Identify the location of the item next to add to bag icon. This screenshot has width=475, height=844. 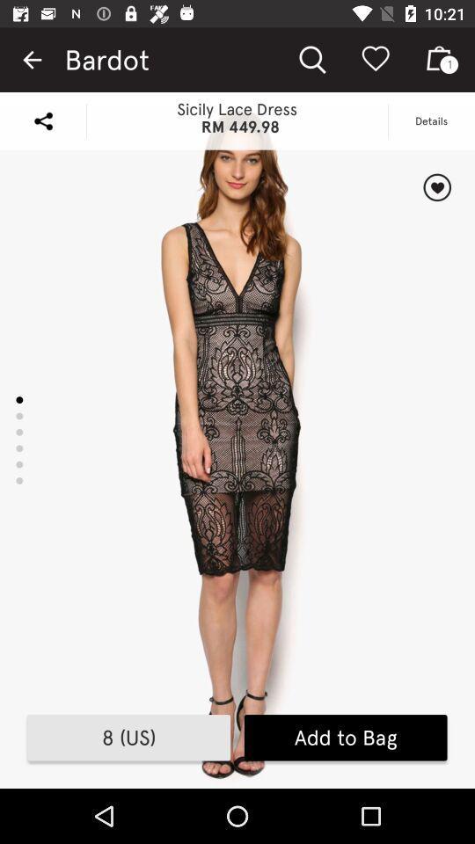
(128, 738).